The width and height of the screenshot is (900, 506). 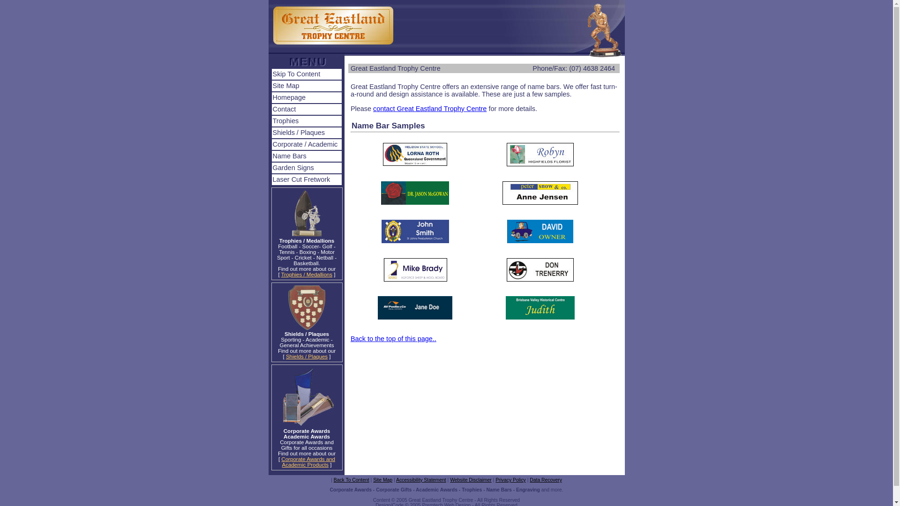 What do you see at coordinates (271, 97) in the screenshot?
I see `'Homepage'` at bounding box center [271, 97].